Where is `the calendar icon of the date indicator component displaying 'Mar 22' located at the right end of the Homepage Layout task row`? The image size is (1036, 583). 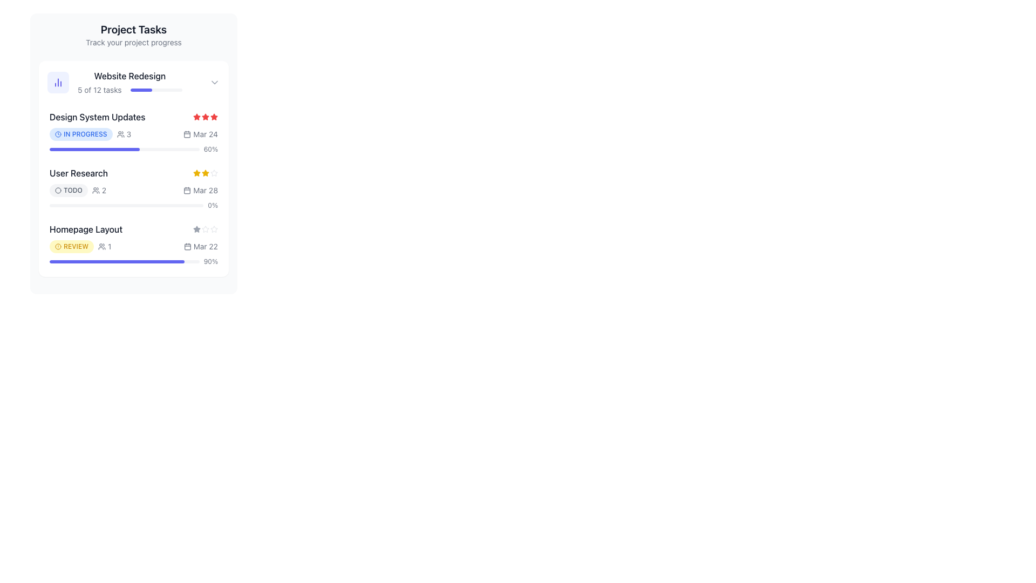
the calendar icon of the date indicator component displaying 'Mar 22' located at the right end of the Homepage Layout task row is located at coordinates (201, 246).